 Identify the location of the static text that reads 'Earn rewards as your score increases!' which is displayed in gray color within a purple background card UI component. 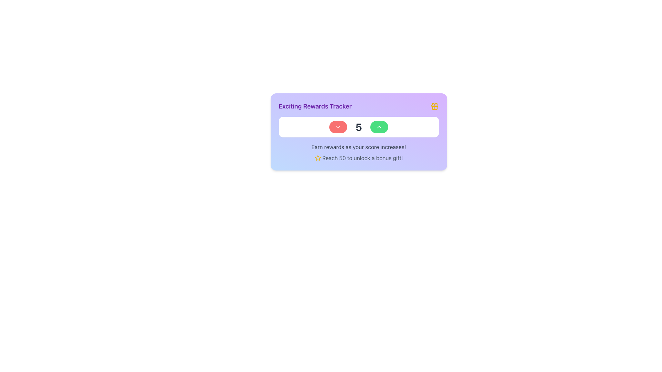
(359, 147).